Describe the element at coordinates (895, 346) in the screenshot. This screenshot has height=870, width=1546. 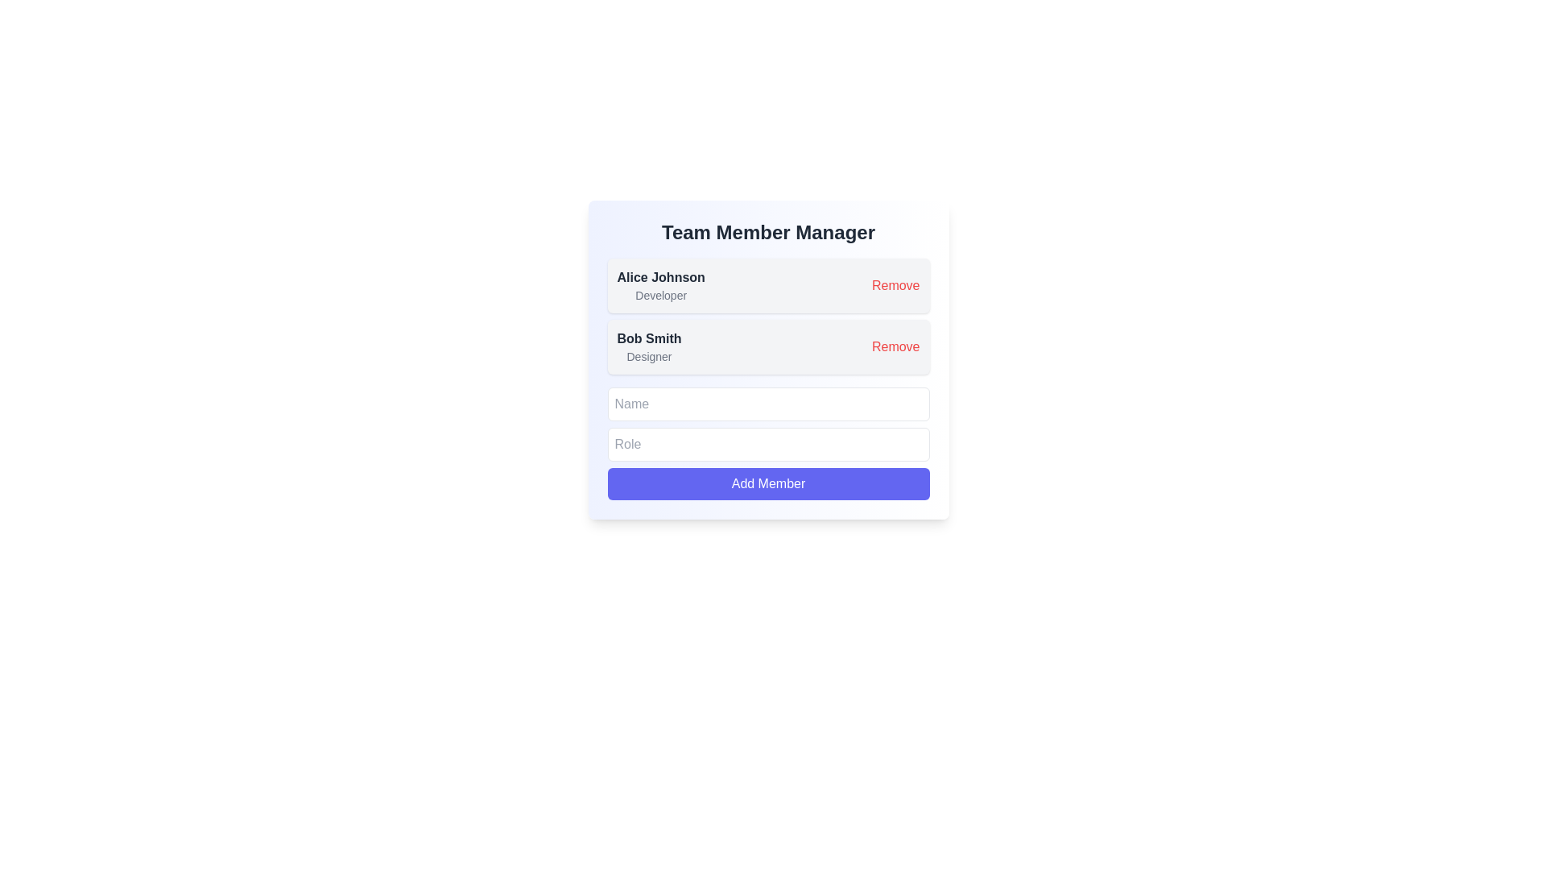
I see `the interactive text button used to remove 'Bob Smith' from the list` at that location.